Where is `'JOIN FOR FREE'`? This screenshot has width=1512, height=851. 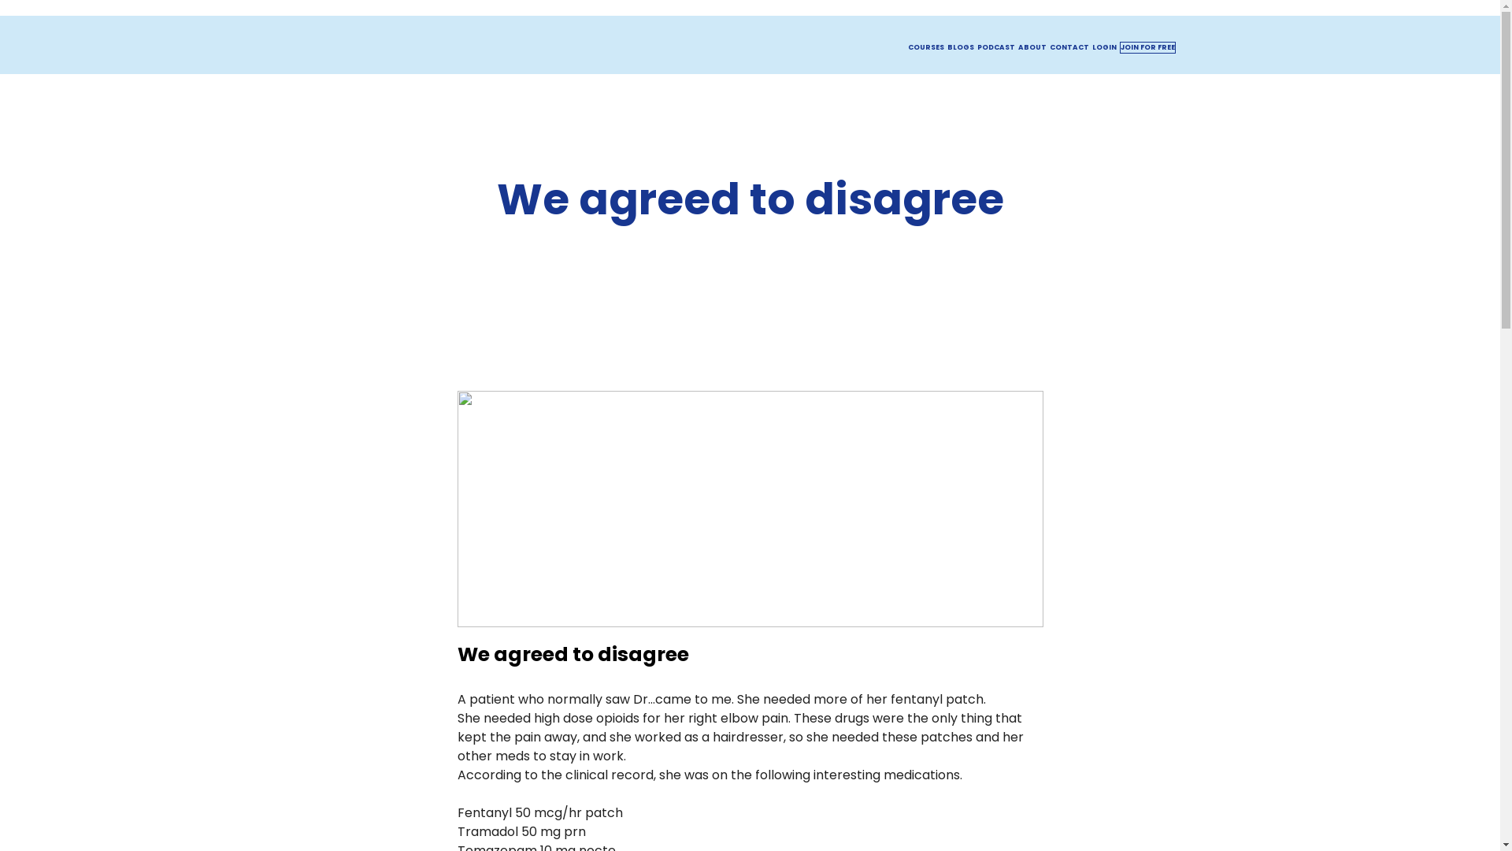
'JOIN FOR FREE' is located at coordinates (1147, 46).